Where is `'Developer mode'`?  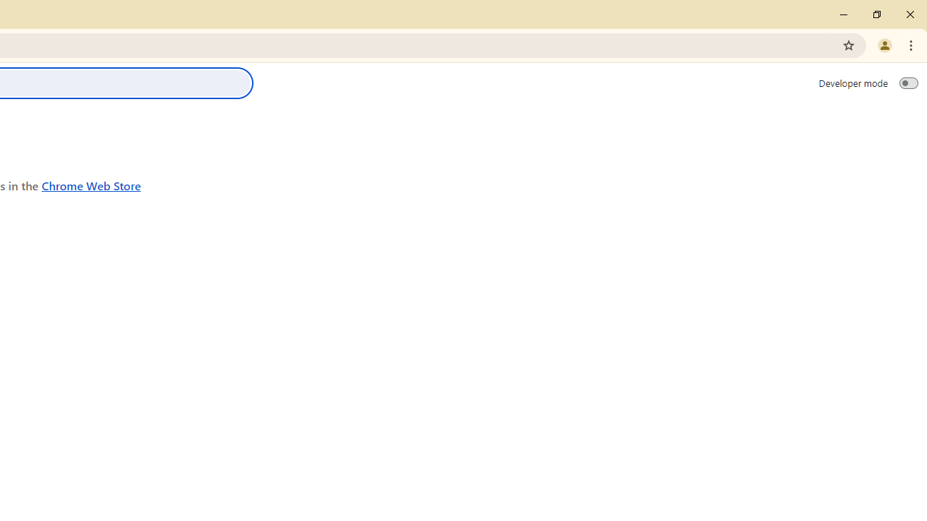
'Developer mode' is located at coordinates (908, 82).